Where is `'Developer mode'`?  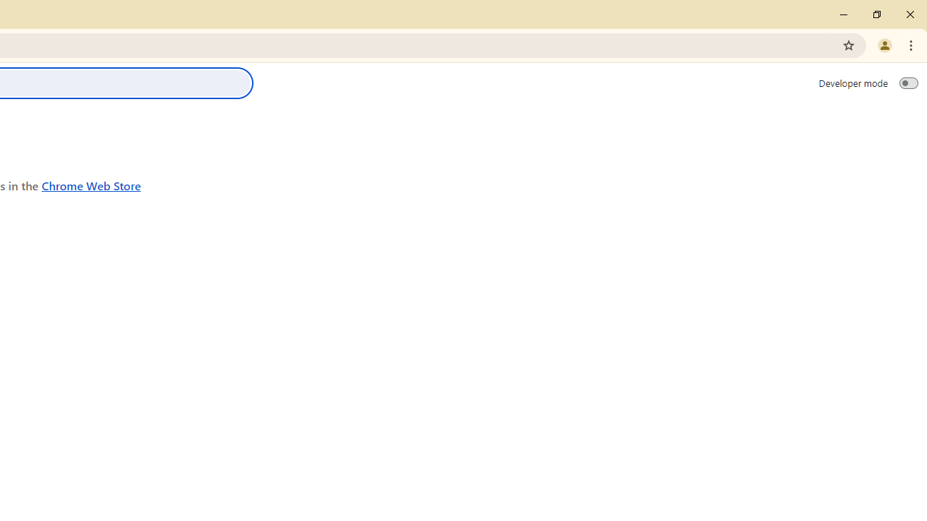
'Developer mode' is located at coordinates (908, 82).